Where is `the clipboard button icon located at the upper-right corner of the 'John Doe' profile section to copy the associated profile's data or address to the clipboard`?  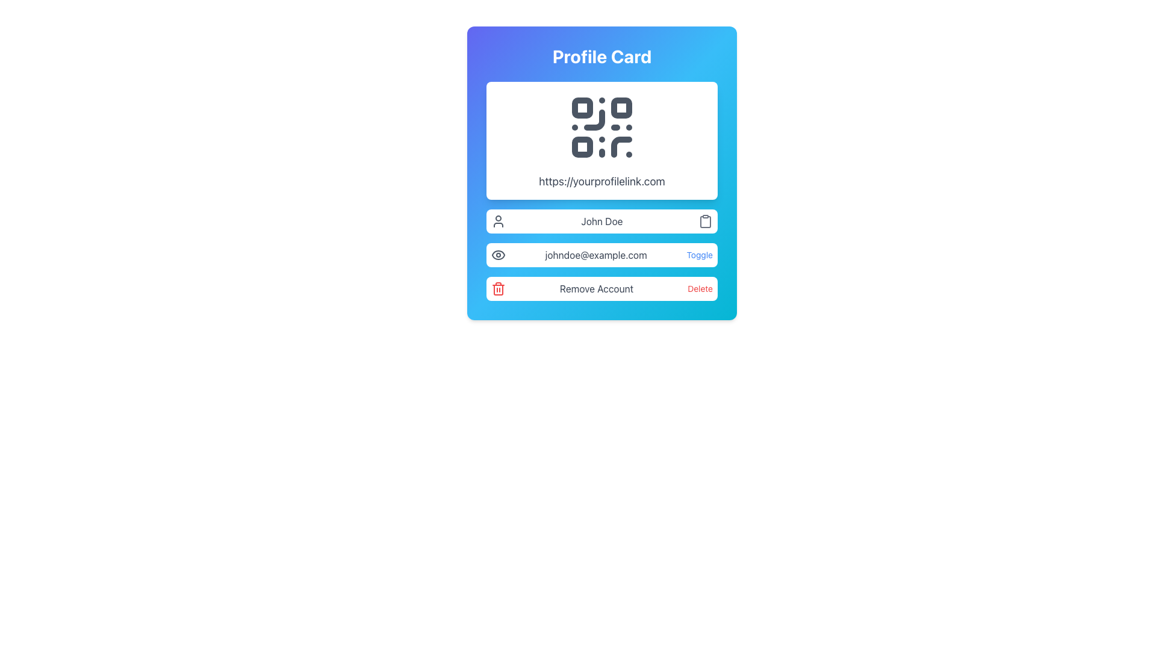
the clipboard button icon located at the upper-right corner of the 'John Doe' profile section to copy the associated profile's data or address to the clipboard is located at coordinates (705, 221).